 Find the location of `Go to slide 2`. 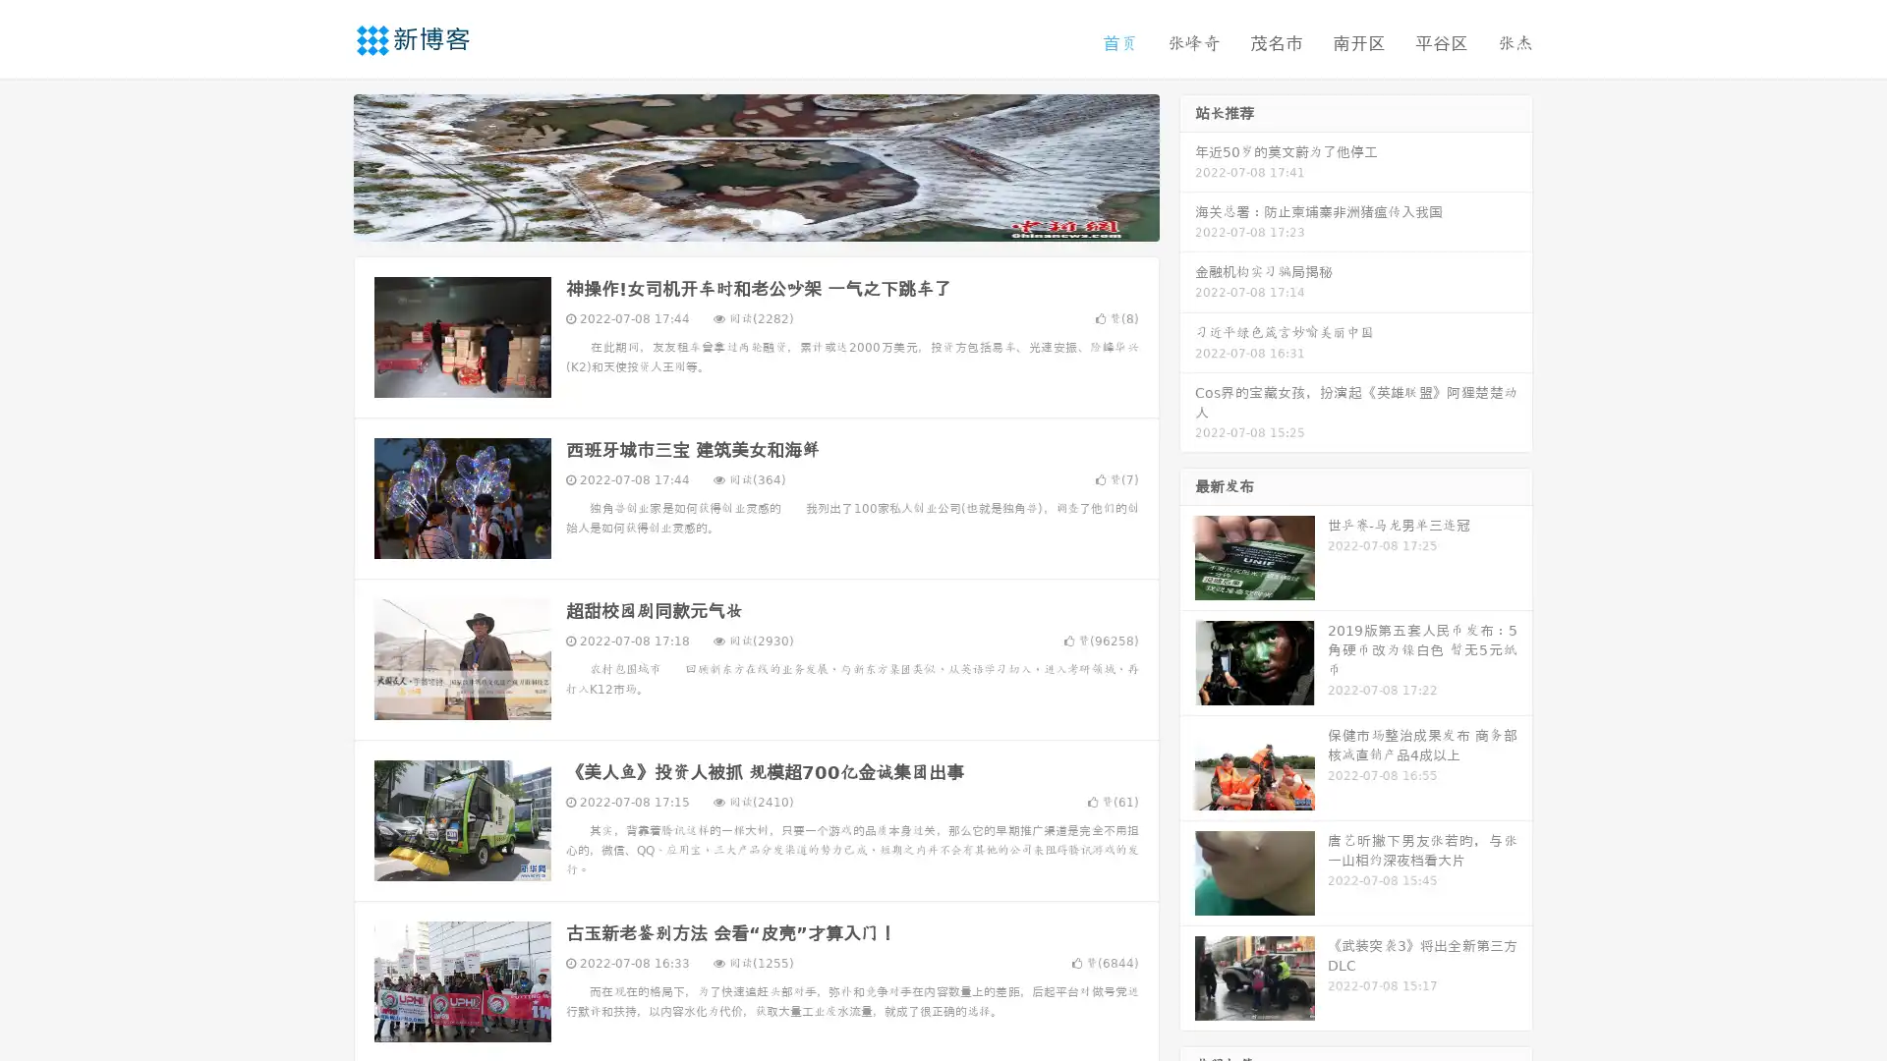

Go to slide 2 is located at coordinates (755, 221).